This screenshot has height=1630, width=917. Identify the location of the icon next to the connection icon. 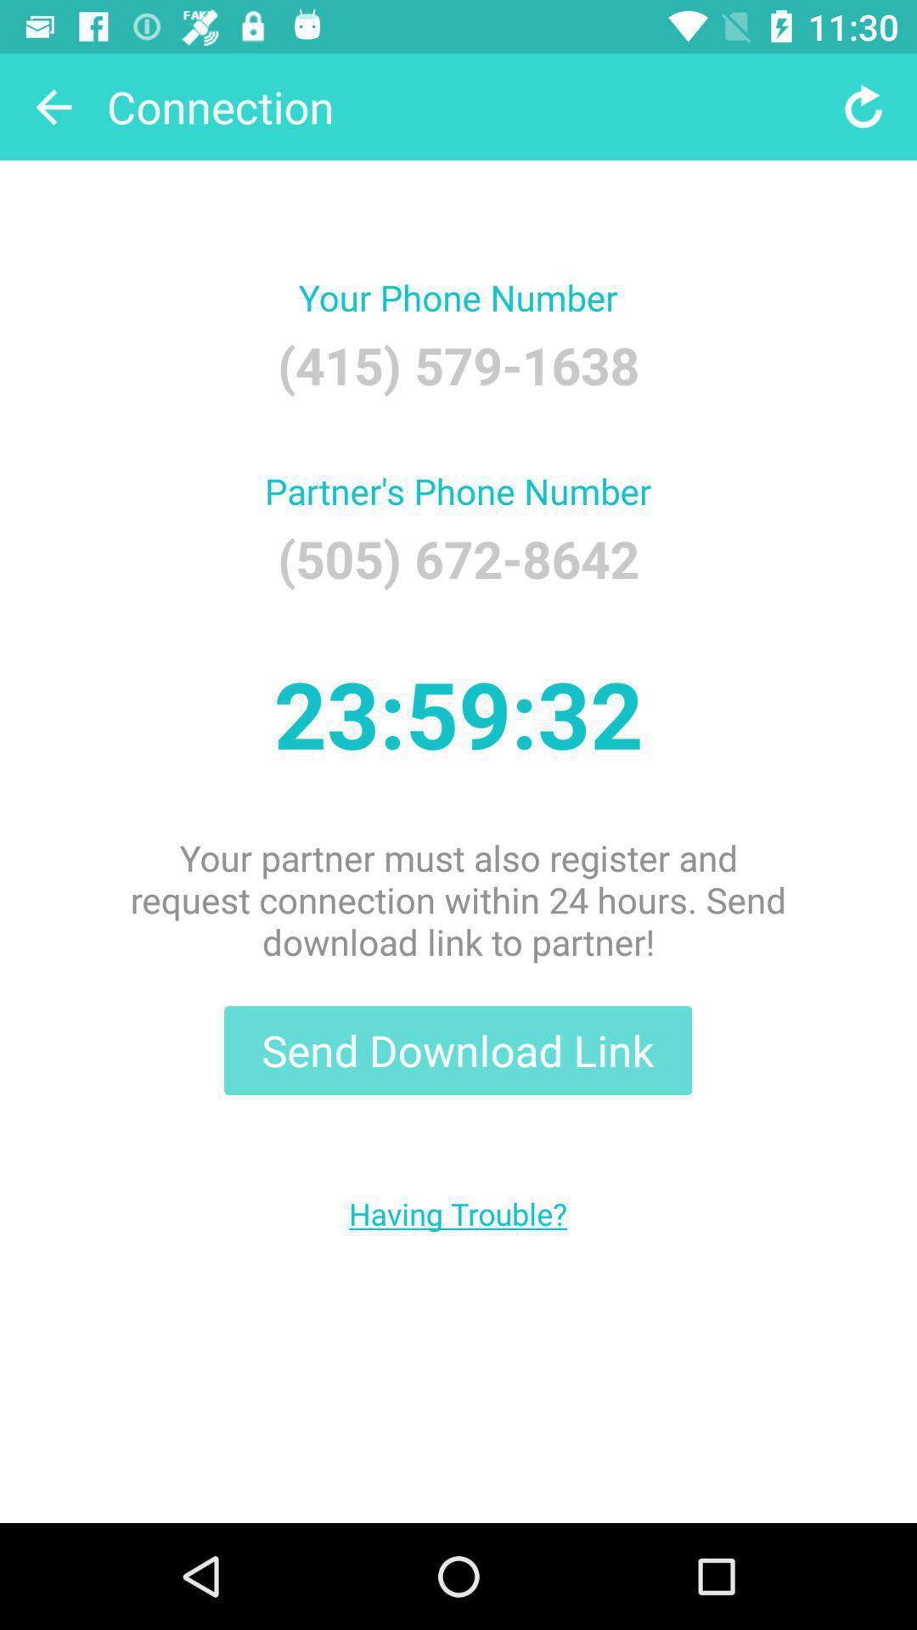
(864, 105).